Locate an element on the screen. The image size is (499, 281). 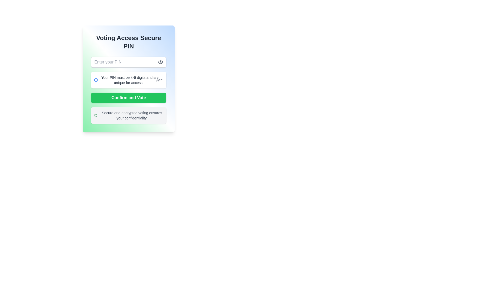
the circular blue outline icon that represents information related to PIN requirements, positioned in the middle section of the form, next to the explanatory text is located at coordinates (96, 80).